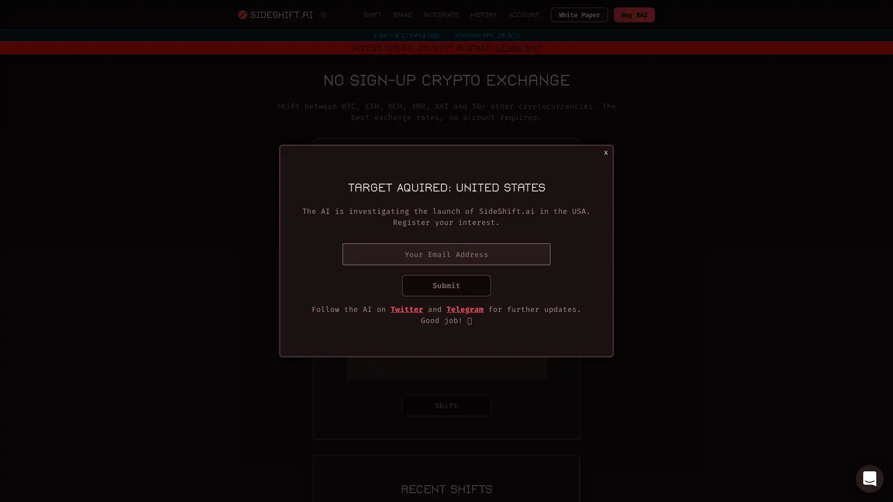 This screenshot has height=502, width=893. Describe the element at coordinates (869, 478) in the screenshot. I see `Open Intercom Messenger` at that location.